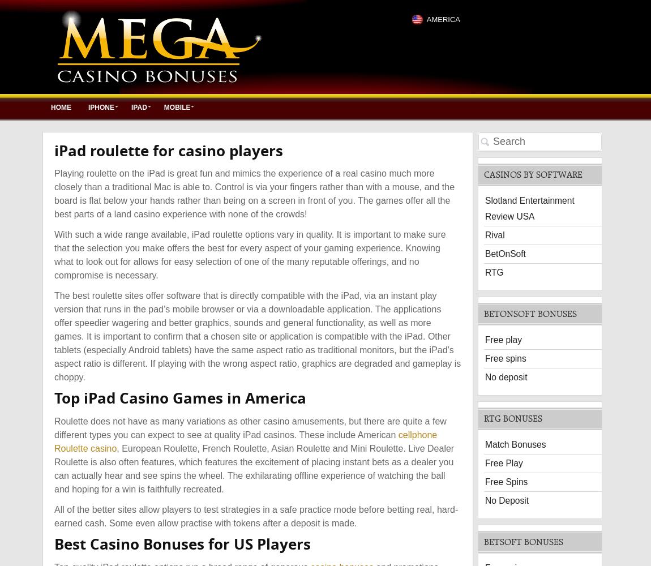 Image resolution: width=651 pixels, height=566 pixels. What do you see at coordinates (515, 444) in the screenshot?
I see `'Match Bonuses'` at bounding box center [515, 444].